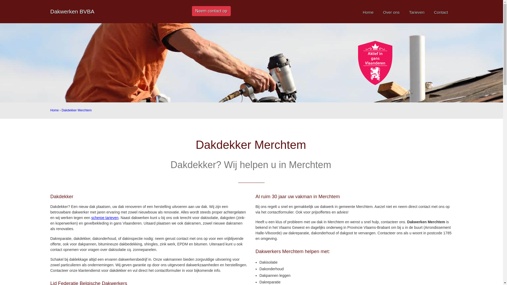 The width and height of the screenshot is (507, 285). I want to click on 'Home', so click(368, 12).